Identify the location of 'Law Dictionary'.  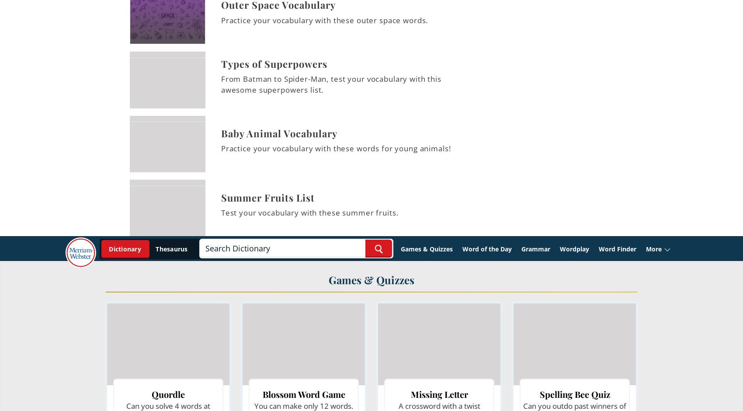
(288, 47).